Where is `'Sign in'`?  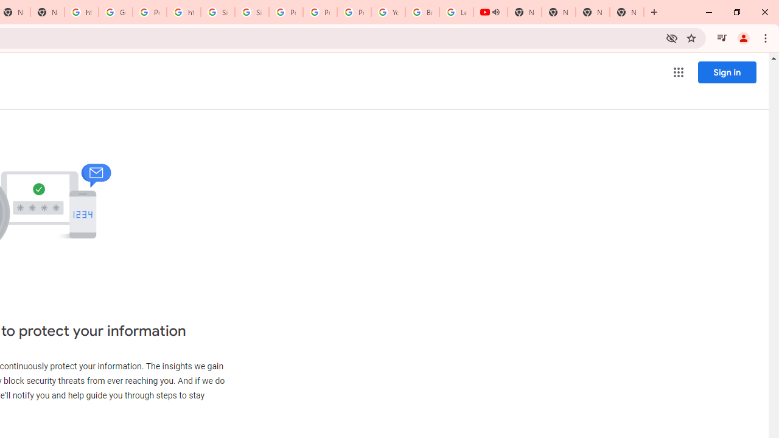
'Sign in' is located at coordinates (727, 72).